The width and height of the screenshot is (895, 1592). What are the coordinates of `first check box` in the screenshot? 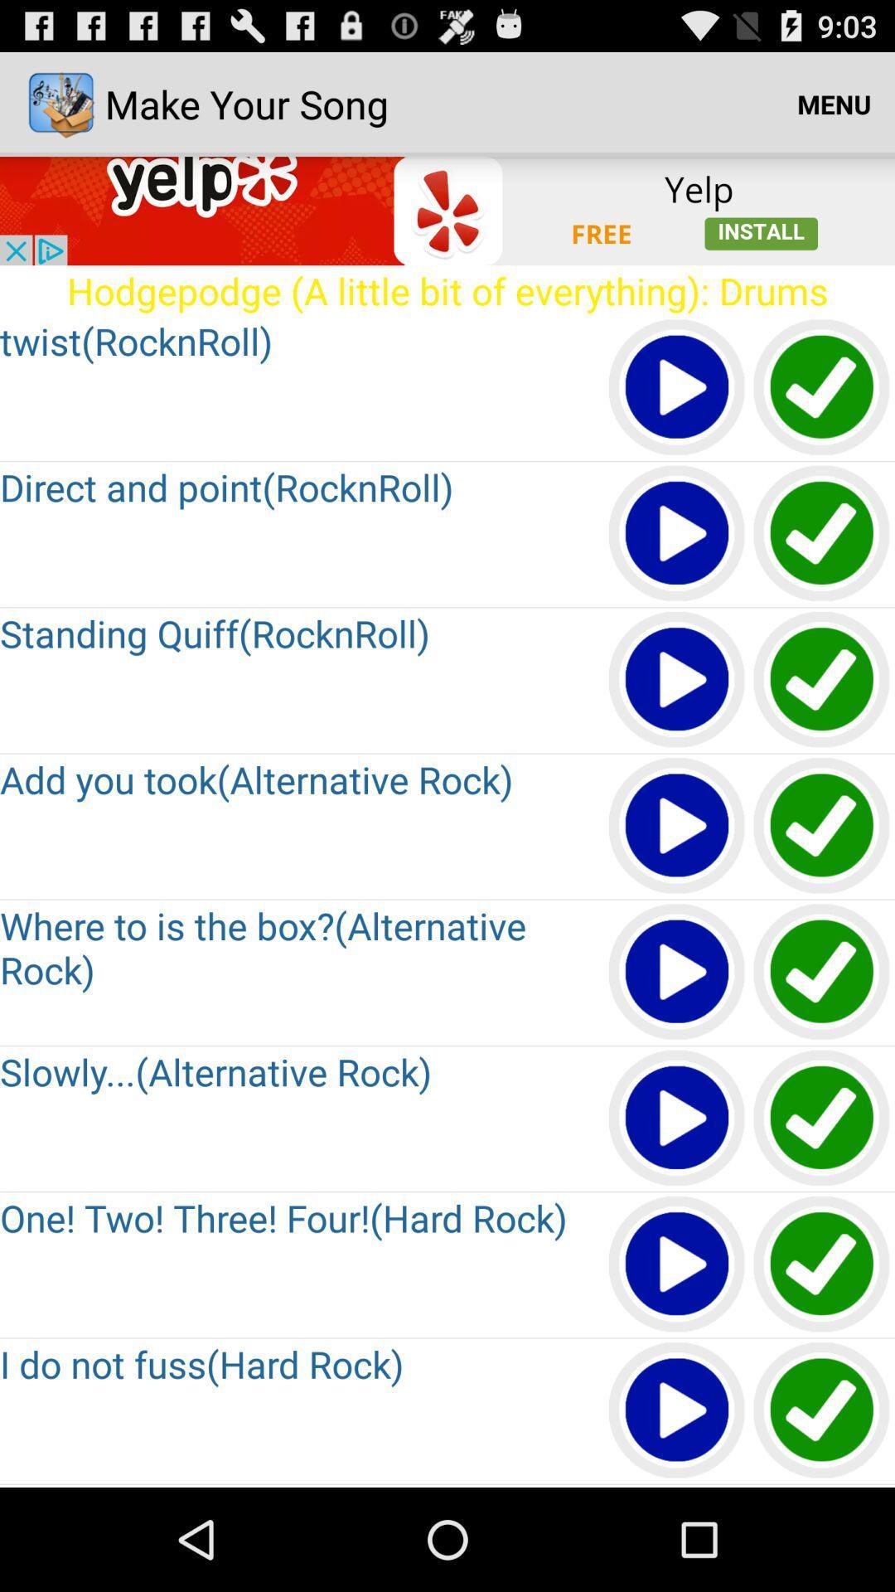 It's located at (822, 387).